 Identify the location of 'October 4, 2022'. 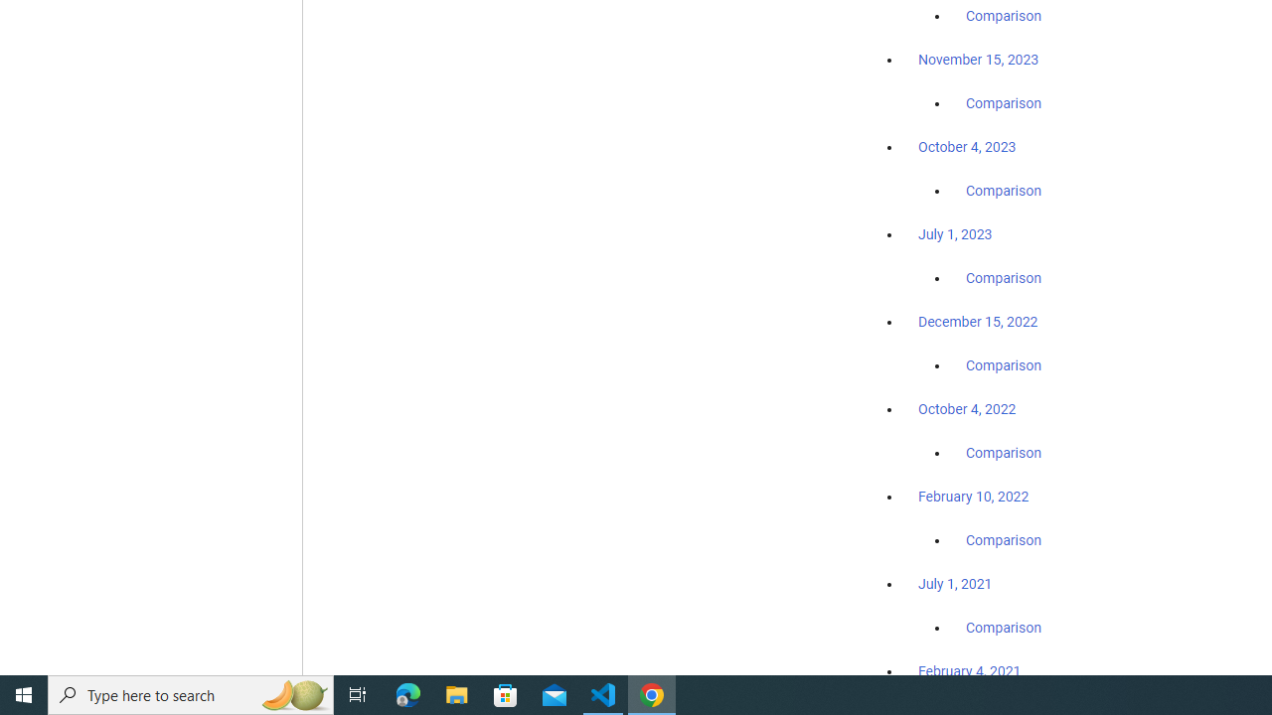
(967, 408).